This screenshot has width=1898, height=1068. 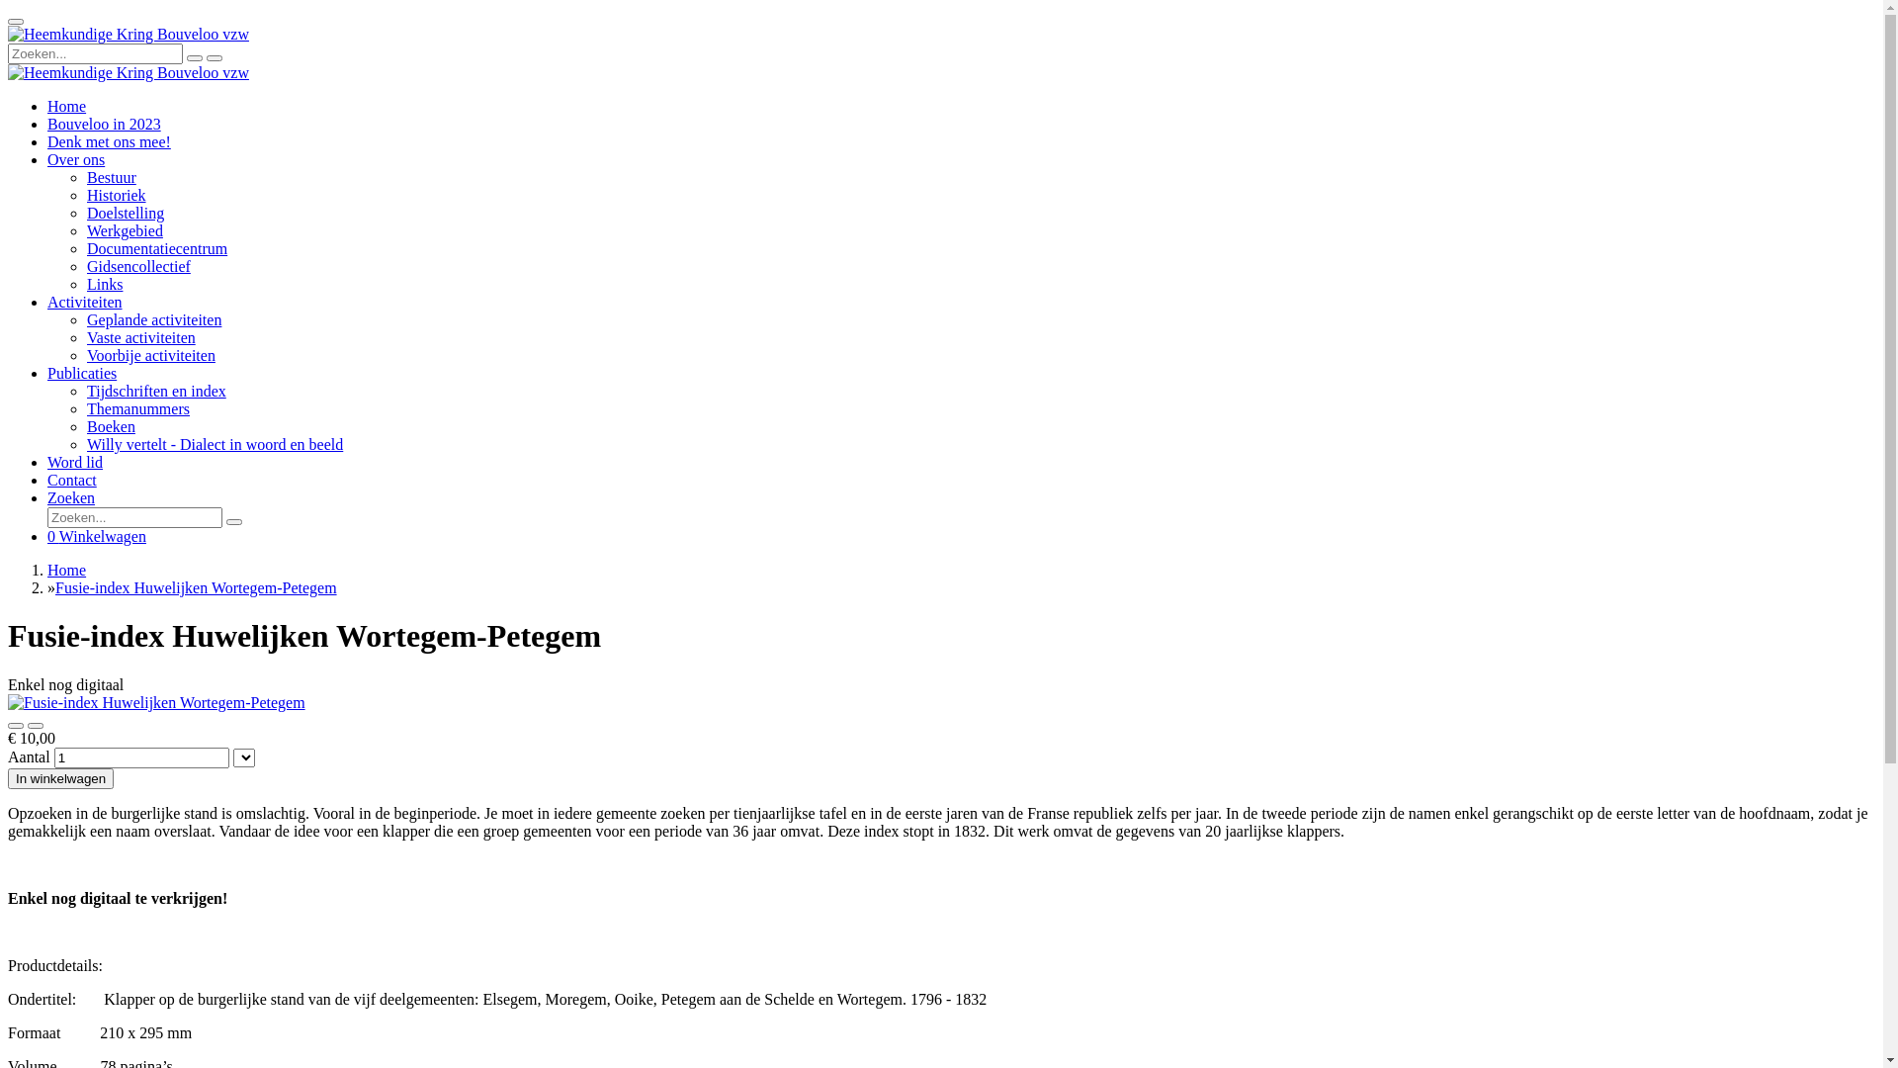 I want to click on 'Activiteiten', so click(x=84, y=302).